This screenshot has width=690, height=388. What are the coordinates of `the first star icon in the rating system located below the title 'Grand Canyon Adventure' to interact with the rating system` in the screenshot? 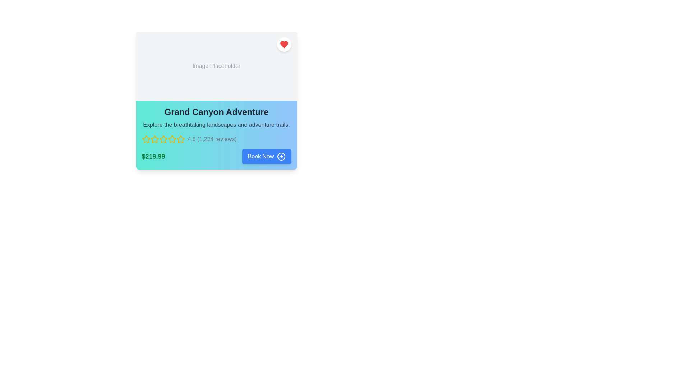 It's located at (146, 139).